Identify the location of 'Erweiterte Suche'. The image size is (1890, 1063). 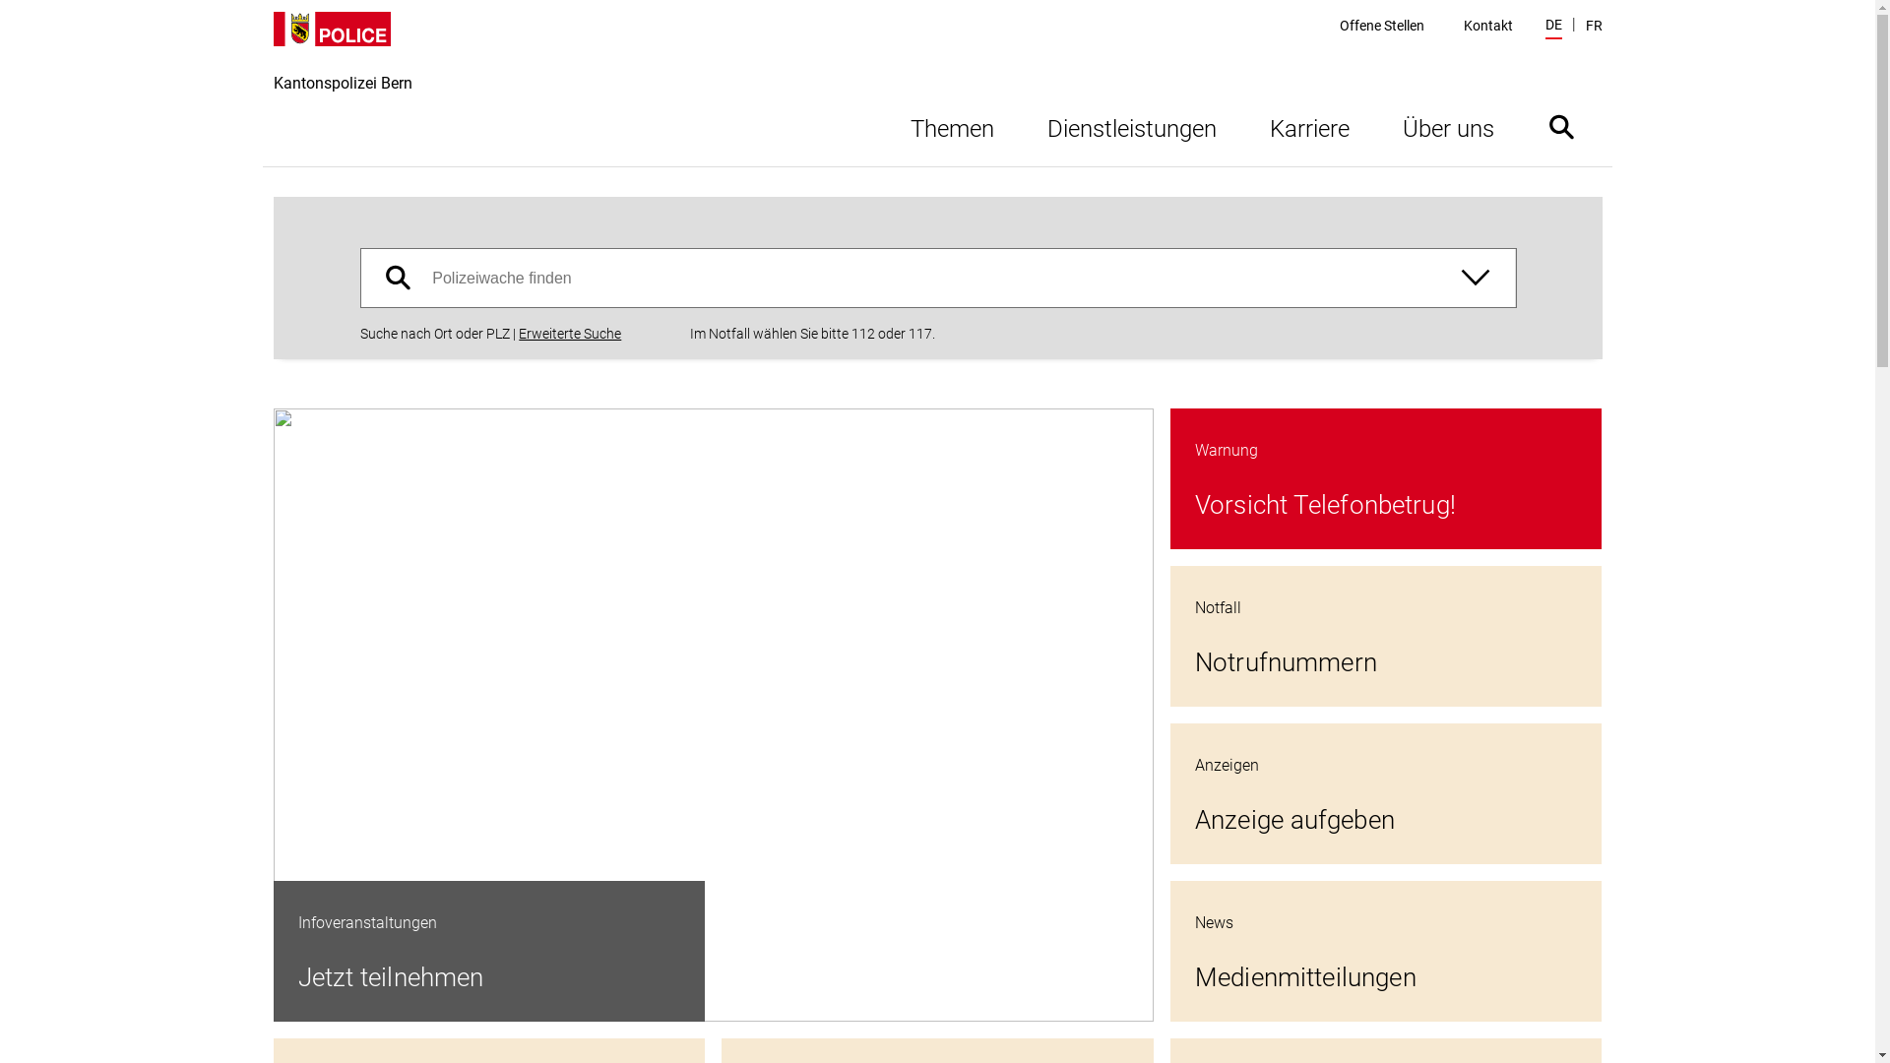
(569, 333).